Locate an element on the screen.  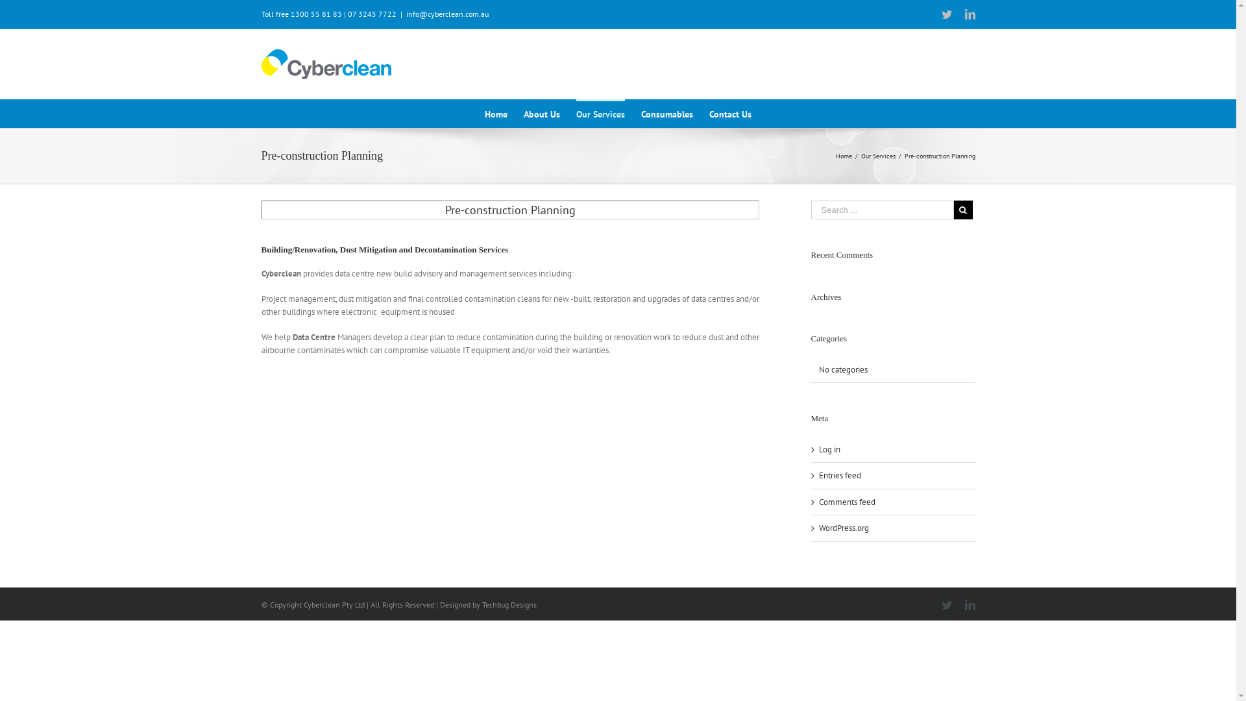
'Twitter' is located at coordinates (946, 14).